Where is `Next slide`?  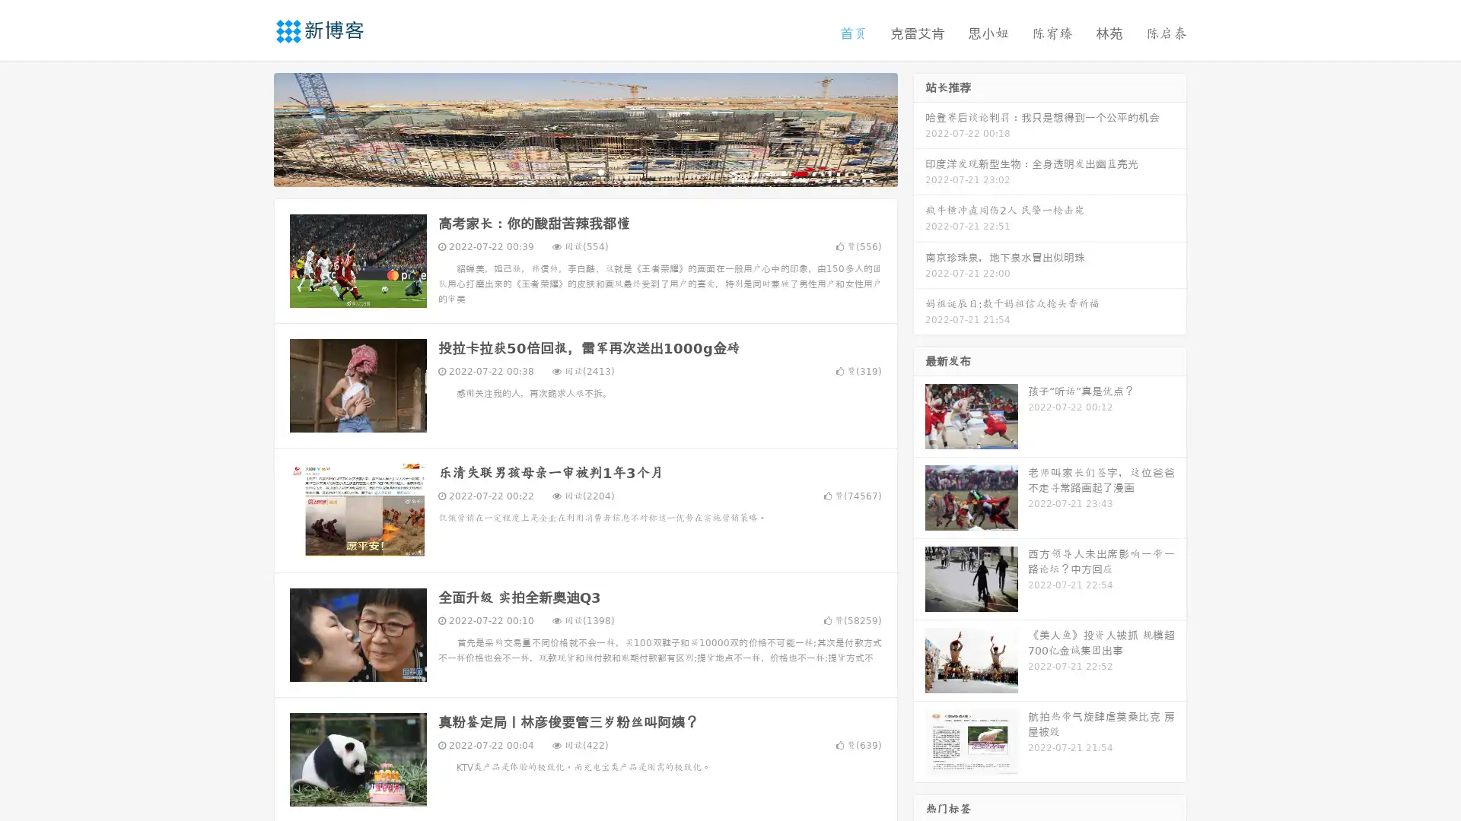
Next slide is located at coordinates (919, 128).